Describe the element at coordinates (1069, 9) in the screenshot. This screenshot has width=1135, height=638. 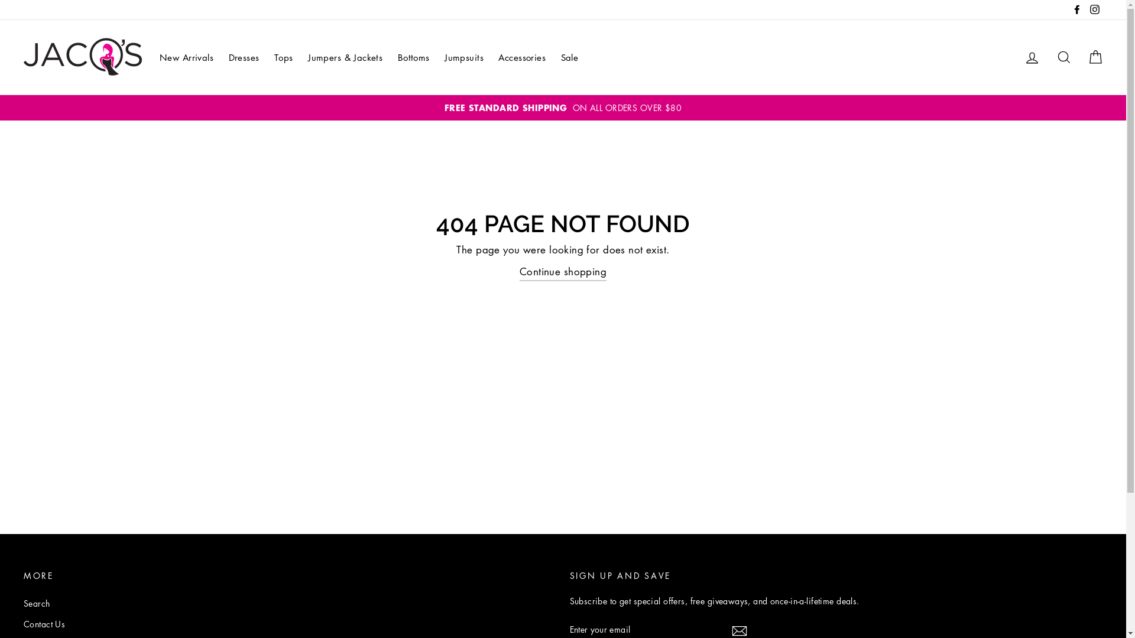
I see `'Facebook'` at that location.